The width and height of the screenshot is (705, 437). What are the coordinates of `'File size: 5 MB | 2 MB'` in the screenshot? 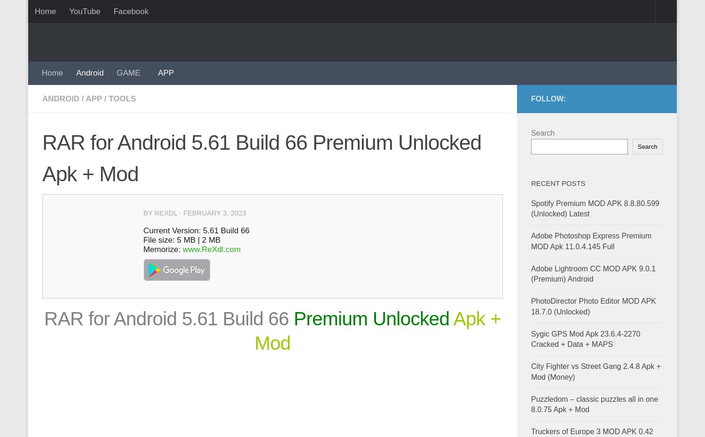 It's located at (182, 239).